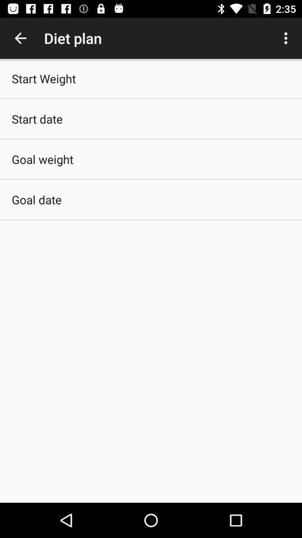 The width and height of the screenshot is (302, 538). Describe the element at coordinates (43, 78) in the screenshot. I see `the icon above the start date item` at that location.